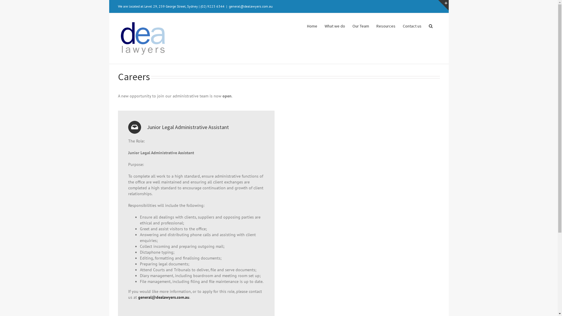  Describe the element at coordinates (430, 25) in the screenshot. I see `'Search'` at that location.